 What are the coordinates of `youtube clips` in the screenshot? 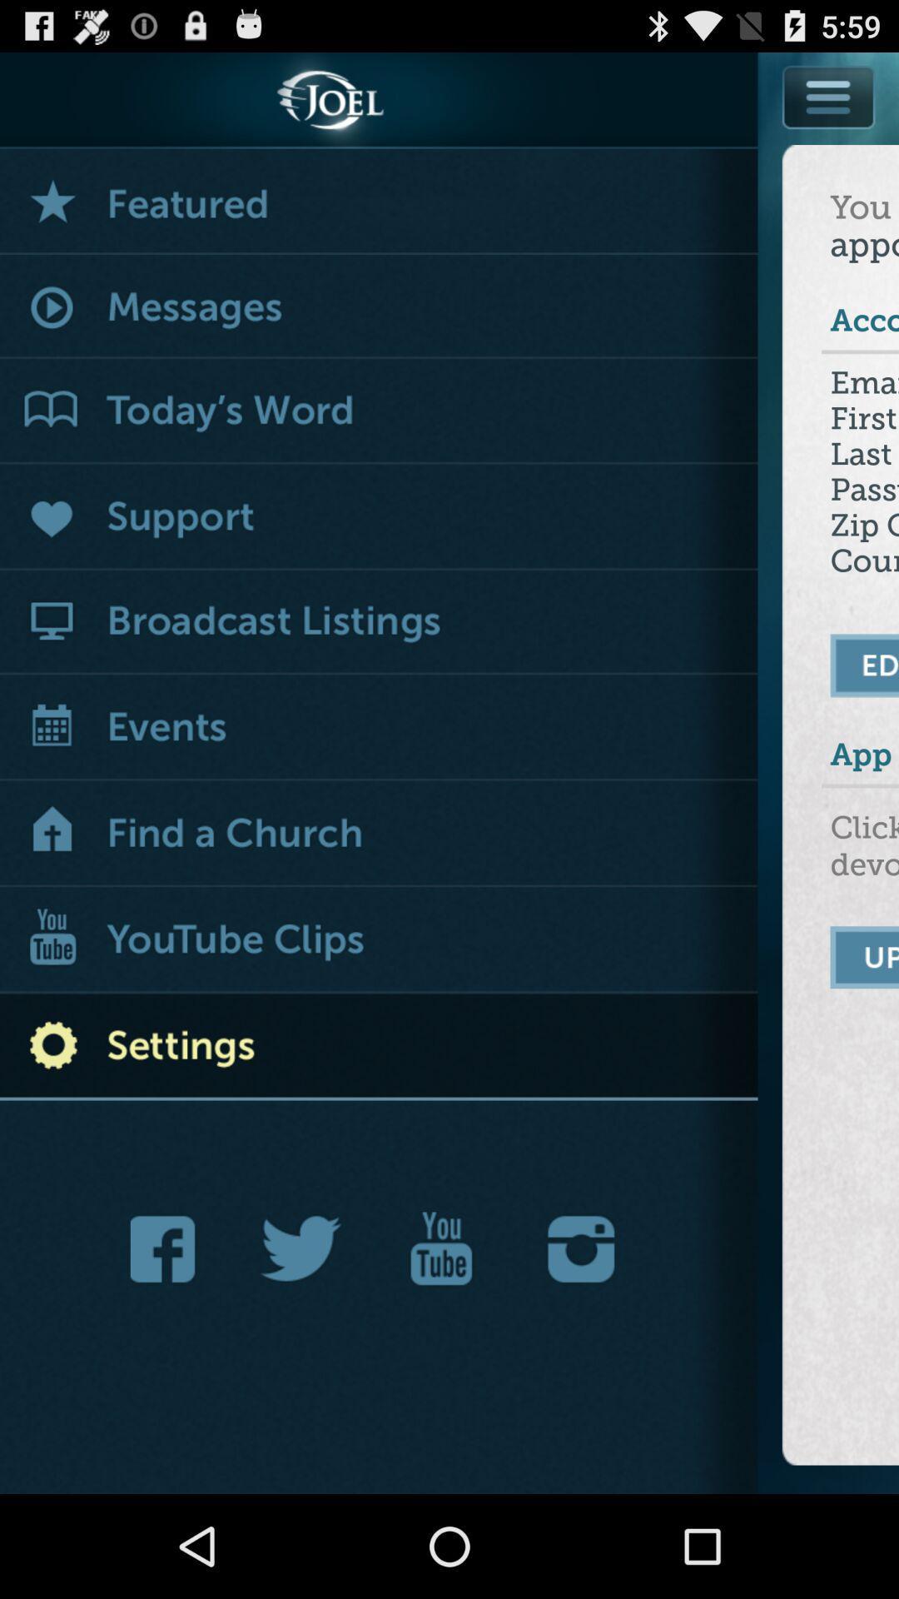 It's located at (379, 941).